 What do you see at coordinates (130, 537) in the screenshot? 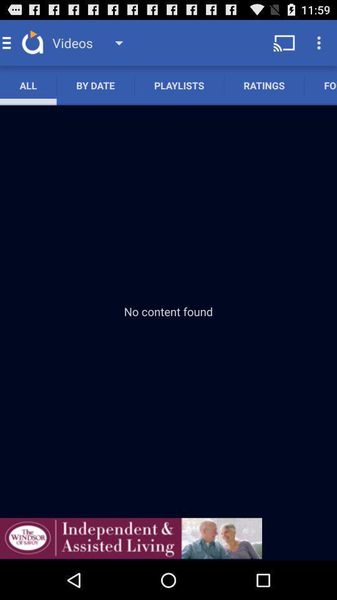
I see `for adverisment` at bounding box center [130, 537].